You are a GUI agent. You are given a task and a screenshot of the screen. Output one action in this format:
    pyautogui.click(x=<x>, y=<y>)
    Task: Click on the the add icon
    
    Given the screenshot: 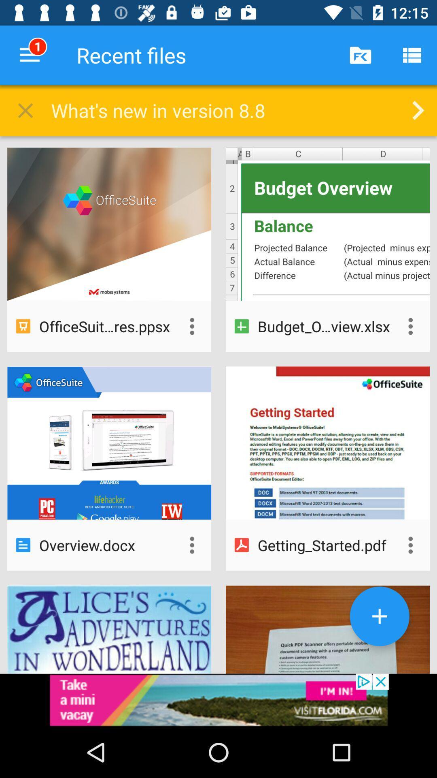 What is the action you would take?
    pyautogui.click(x=380, y=616)
    